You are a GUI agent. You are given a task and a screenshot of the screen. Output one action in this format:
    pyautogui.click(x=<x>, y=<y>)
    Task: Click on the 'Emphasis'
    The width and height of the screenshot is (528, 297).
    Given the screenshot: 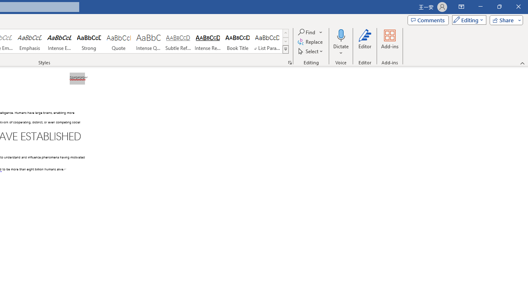 What is the action you would take?
    pyautogui.click(x=29, y=41)
    